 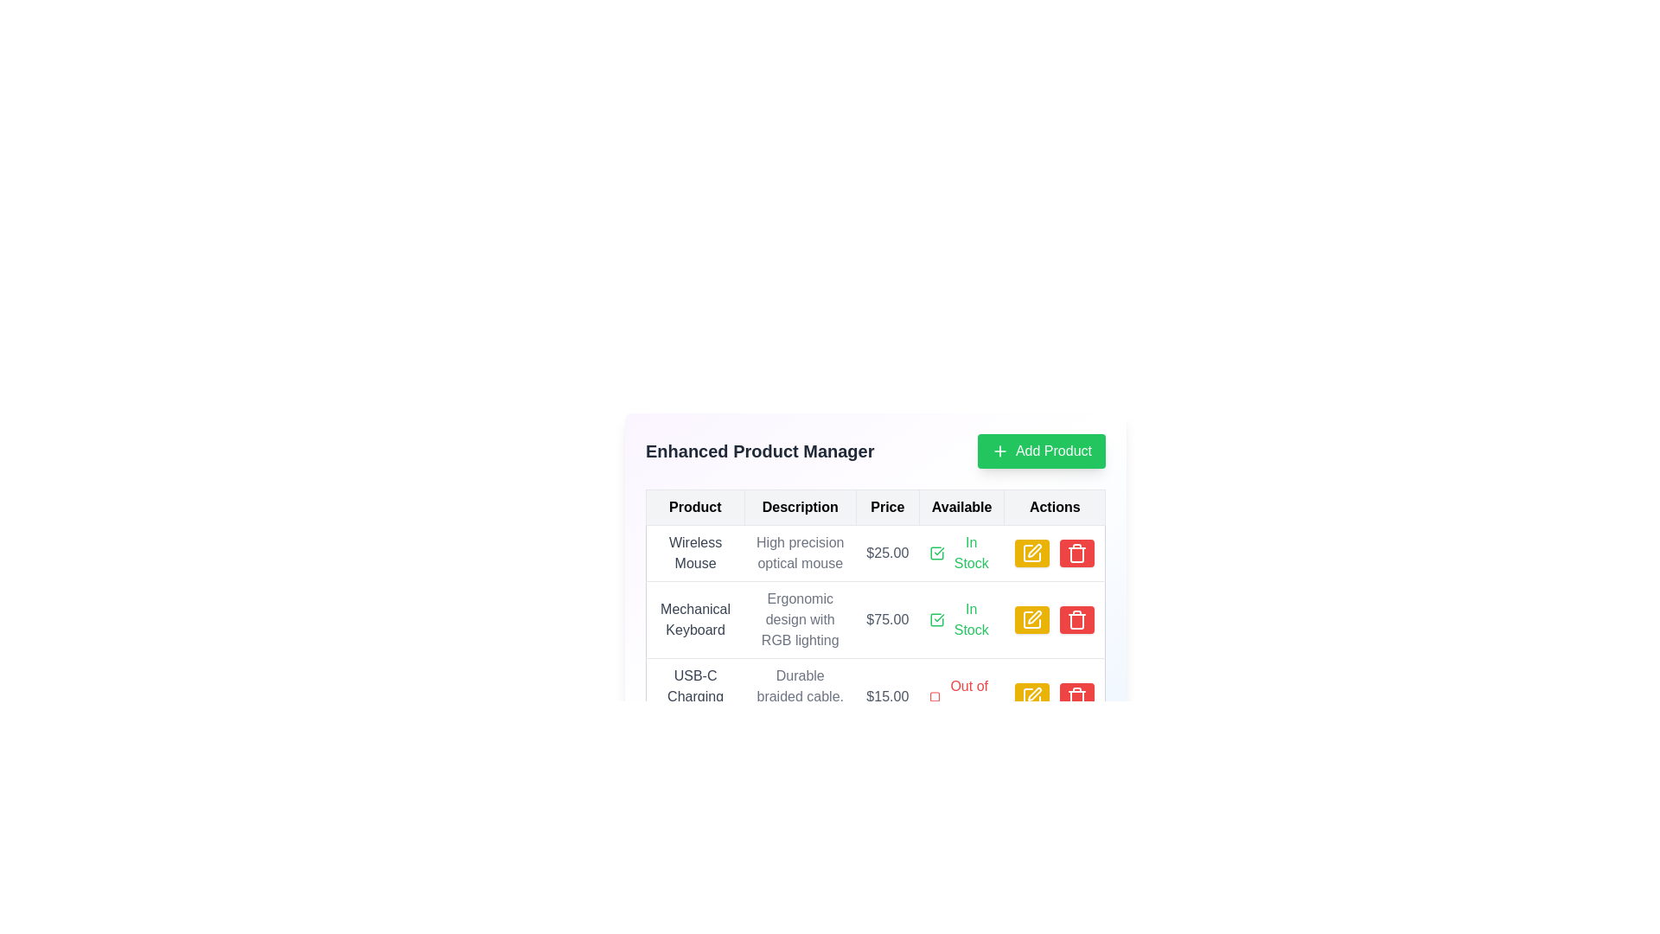 What do you see at coordinates (961, 619) in the screenshot?
I see `the Status indicator displaying 'In Stock' in green color with a checkmark icon, located in the 'Available' column of the second row of the product table` at bounding box center [961, 619].